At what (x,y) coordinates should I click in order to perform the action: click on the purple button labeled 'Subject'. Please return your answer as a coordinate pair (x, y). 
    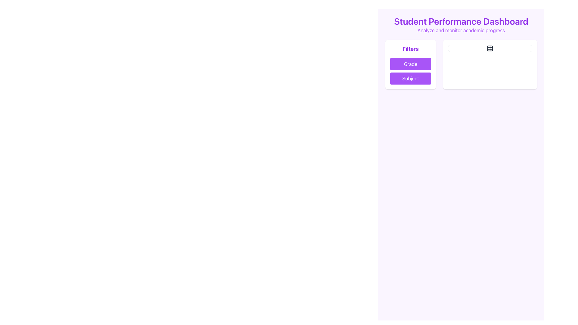
    Looking at the image, I should click on (410, 78).